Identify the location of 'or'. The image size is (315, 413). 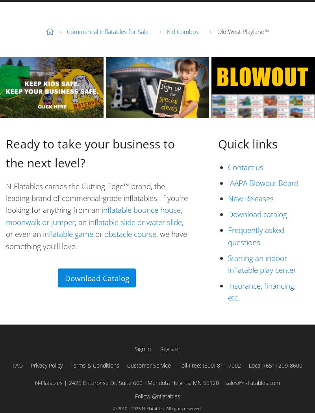
(98, 234).